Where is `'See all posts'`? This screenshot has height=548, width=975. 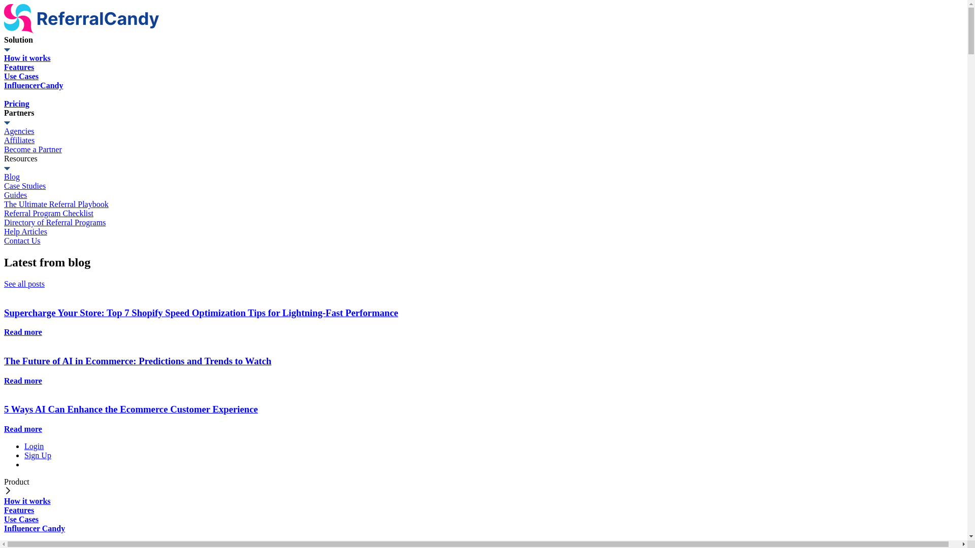
'See all posts' is located at coordinates (24, 284).